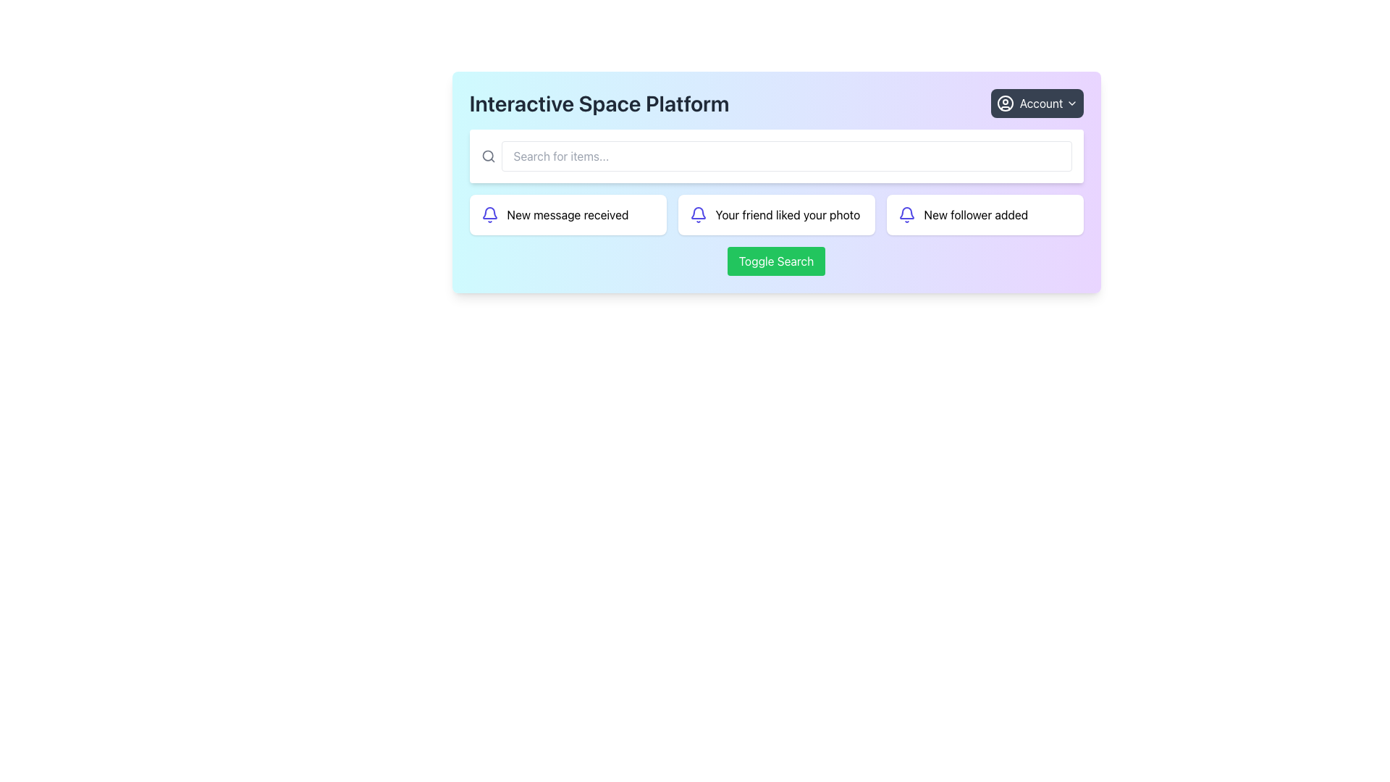 The image size is (1390, 782). I want to click on the Search icon located at the far-left side of the search bar within the header section, which visually indicates a search action, so click(488, 156).